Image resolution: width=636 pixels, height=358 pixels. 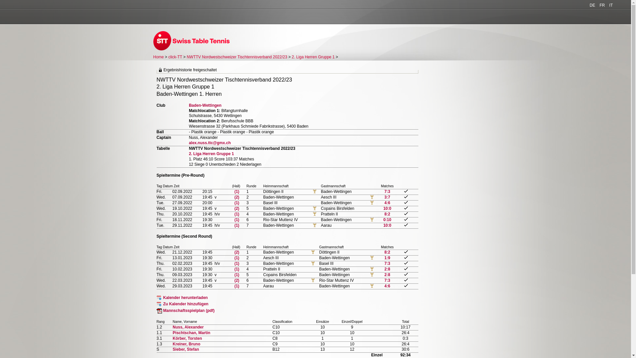 I want to click on 'FR', so click(x=602, y=5).